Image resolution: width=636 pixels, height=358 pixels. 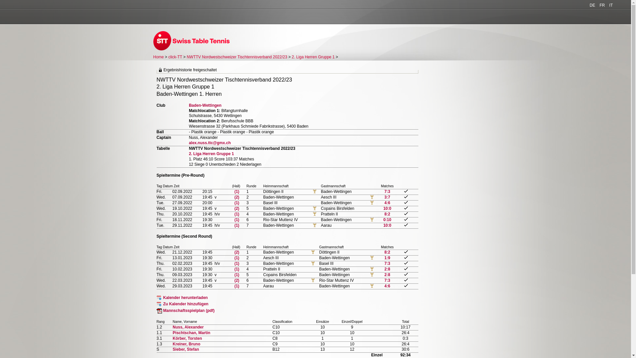 I want to click on 'FR', so click(x=602, y=5).